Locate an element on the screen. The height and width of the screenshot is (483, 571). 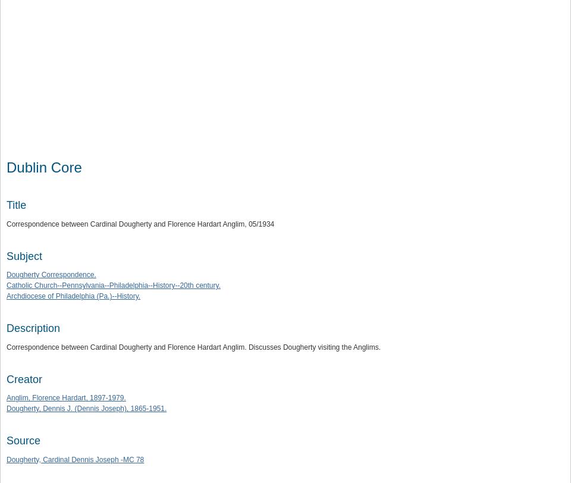
'Archdiocese of Philadelphia (Pa.)--History.' is located at coordinates (73, 295).